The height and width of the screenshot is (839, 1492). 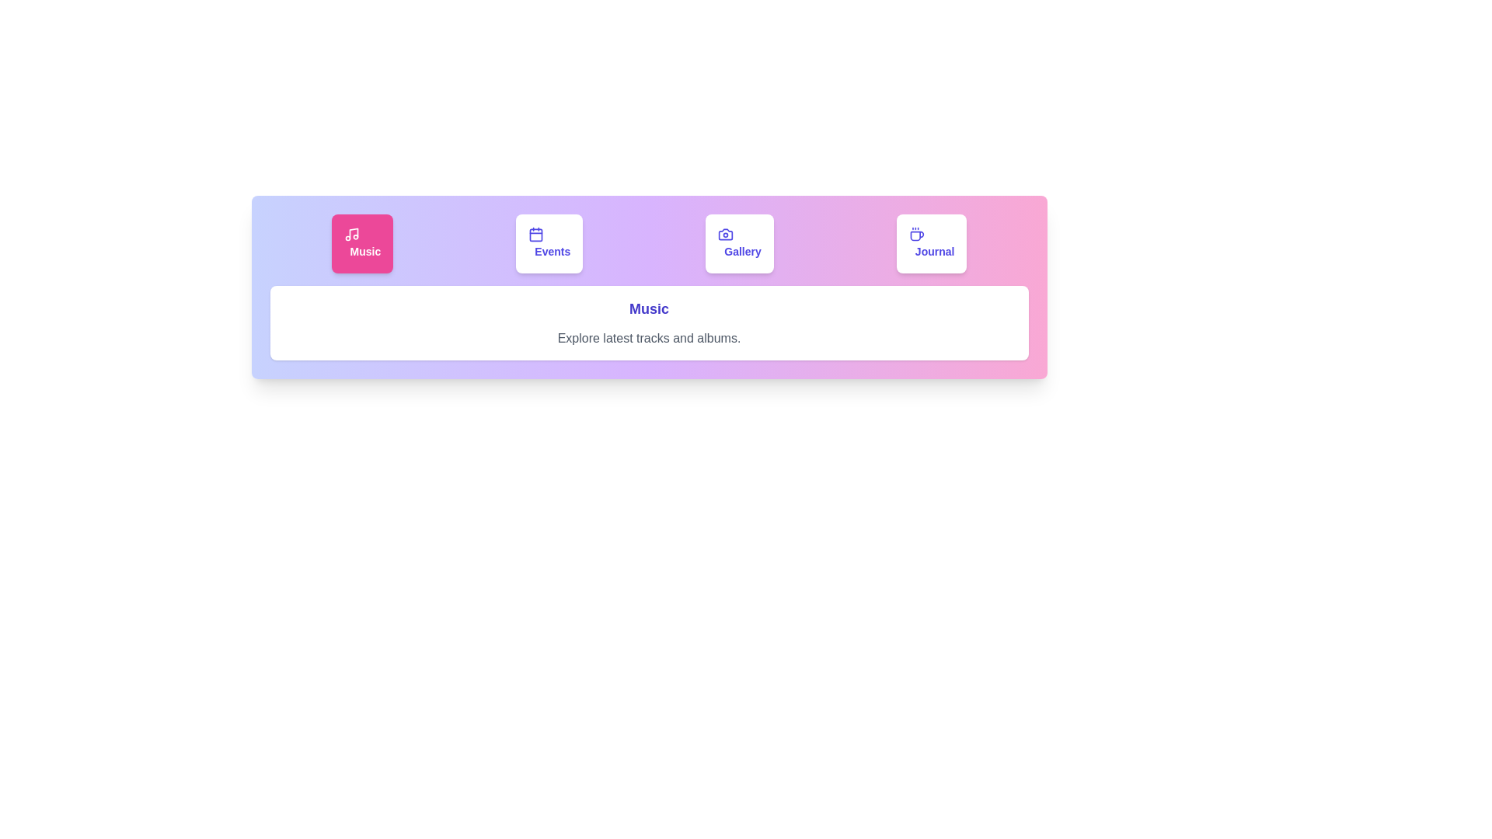 What do you see at coordinates (549, 243) in the screenshot?
I see `the tab button labeled Events to observe visual feedback` at bounding box center [549, 243].